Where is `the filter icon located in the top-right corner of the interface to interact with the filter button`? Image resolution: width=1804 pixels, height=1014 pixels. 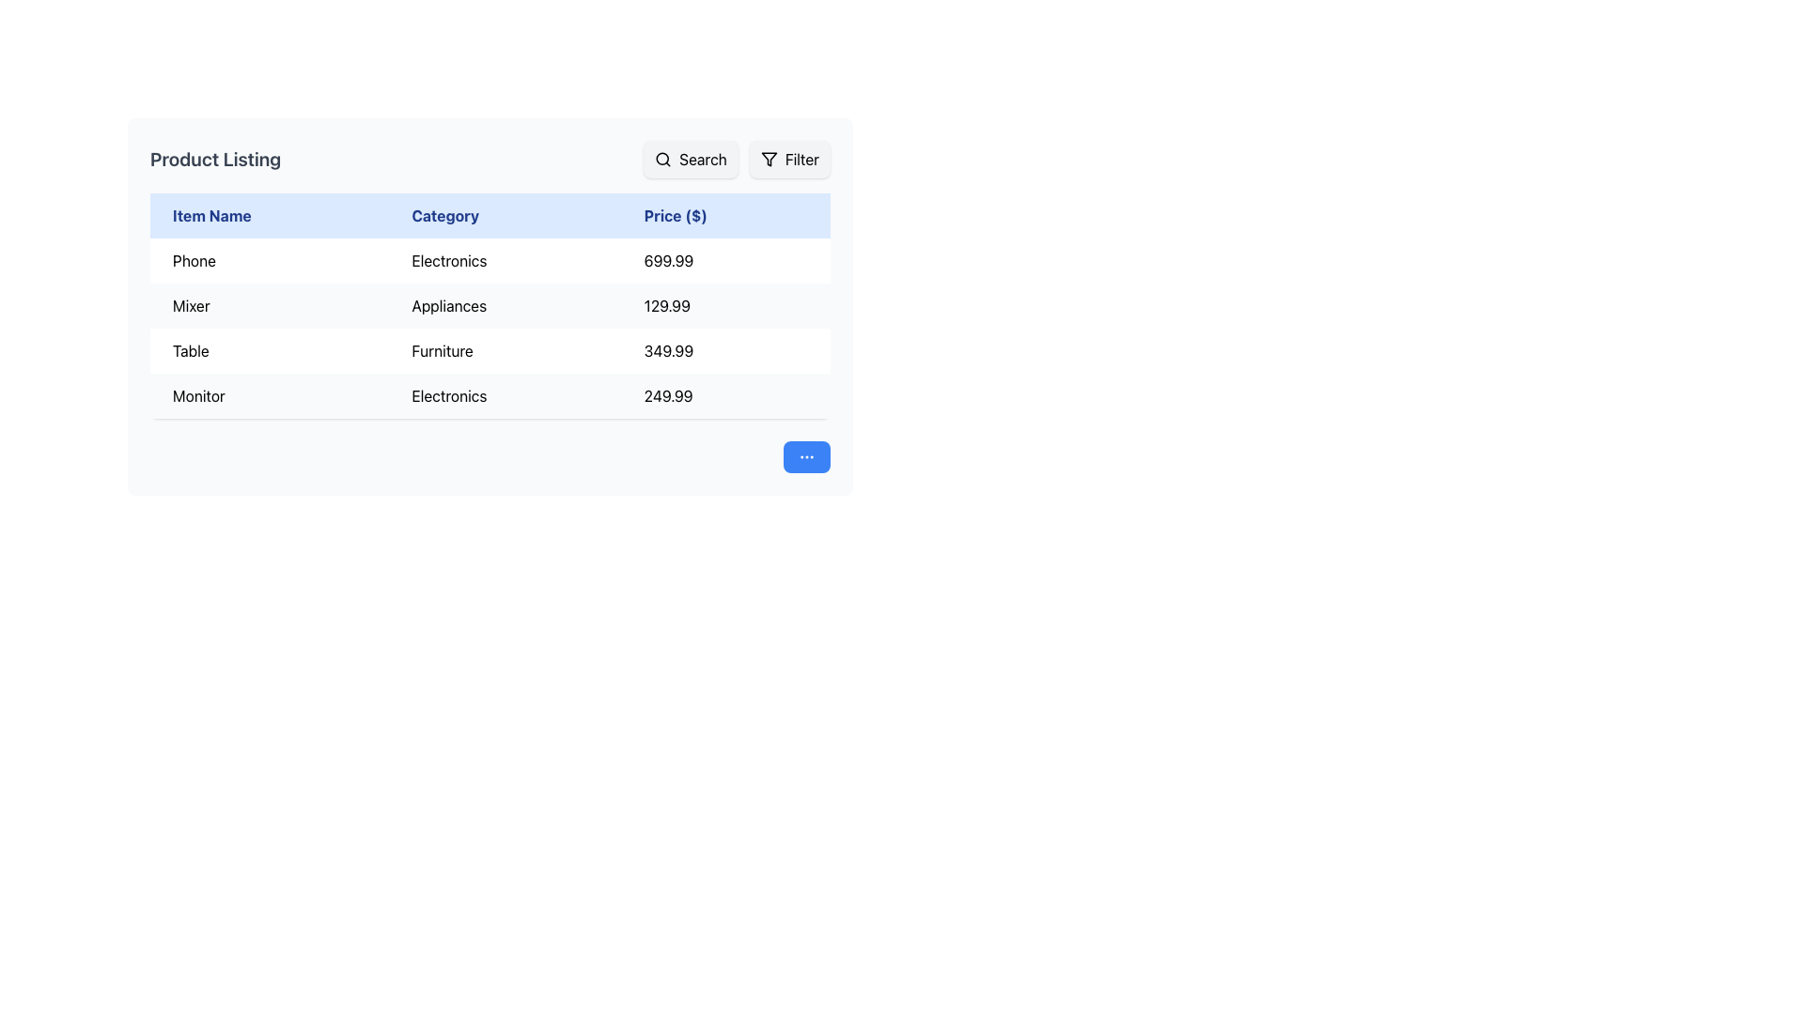
the filter icon located in the top-right corner of the interface to interact with the filter button is located at coordinates (769, 158).